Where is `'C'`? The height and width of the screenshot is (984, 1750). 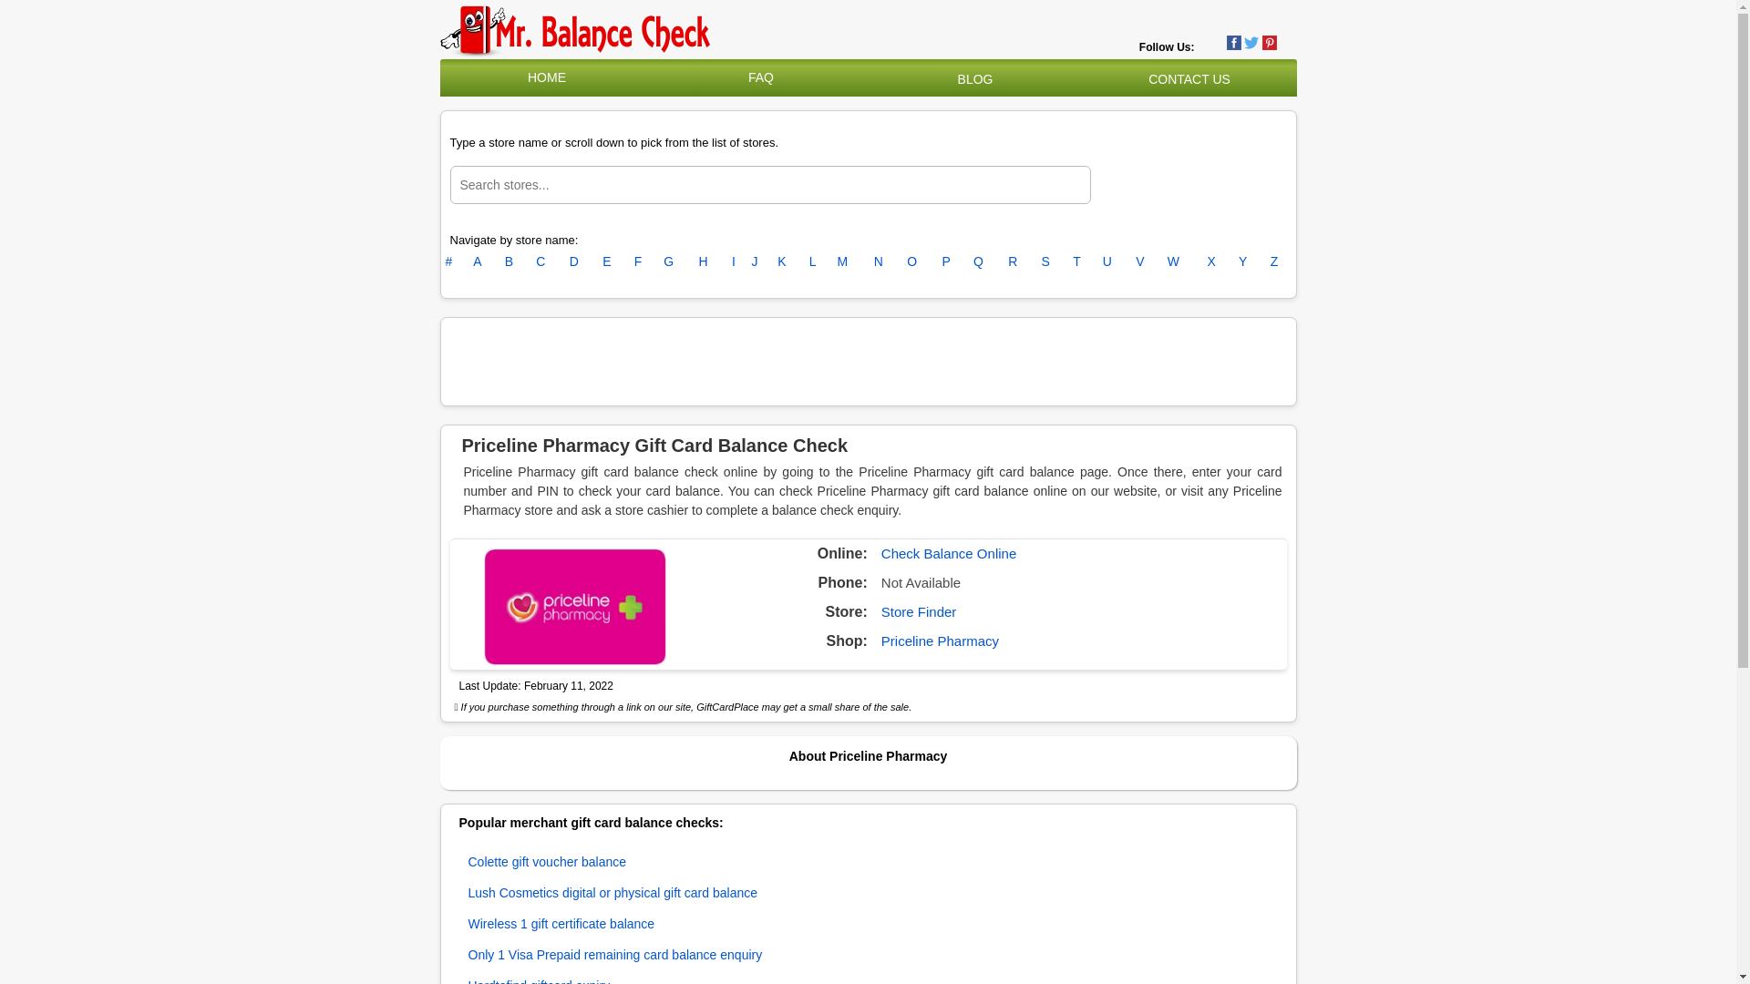
'C' is located at coordinates (540, 261).